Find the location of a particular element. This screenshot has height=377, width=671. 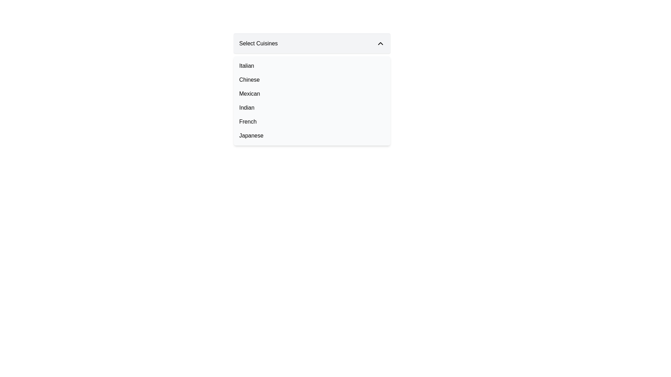

the 'Indian' text label within the dropdown menu is located at coordinates (247, 108).